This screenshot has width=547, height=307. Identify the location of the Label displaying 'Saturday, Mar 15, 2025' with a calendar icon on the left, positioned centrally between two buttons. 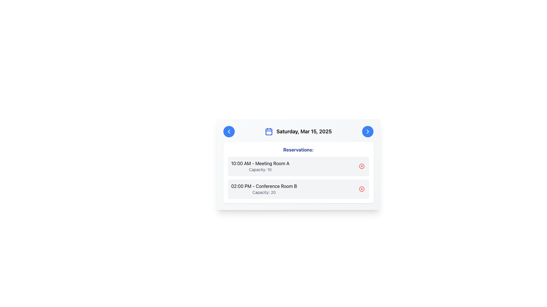
(298, 131).